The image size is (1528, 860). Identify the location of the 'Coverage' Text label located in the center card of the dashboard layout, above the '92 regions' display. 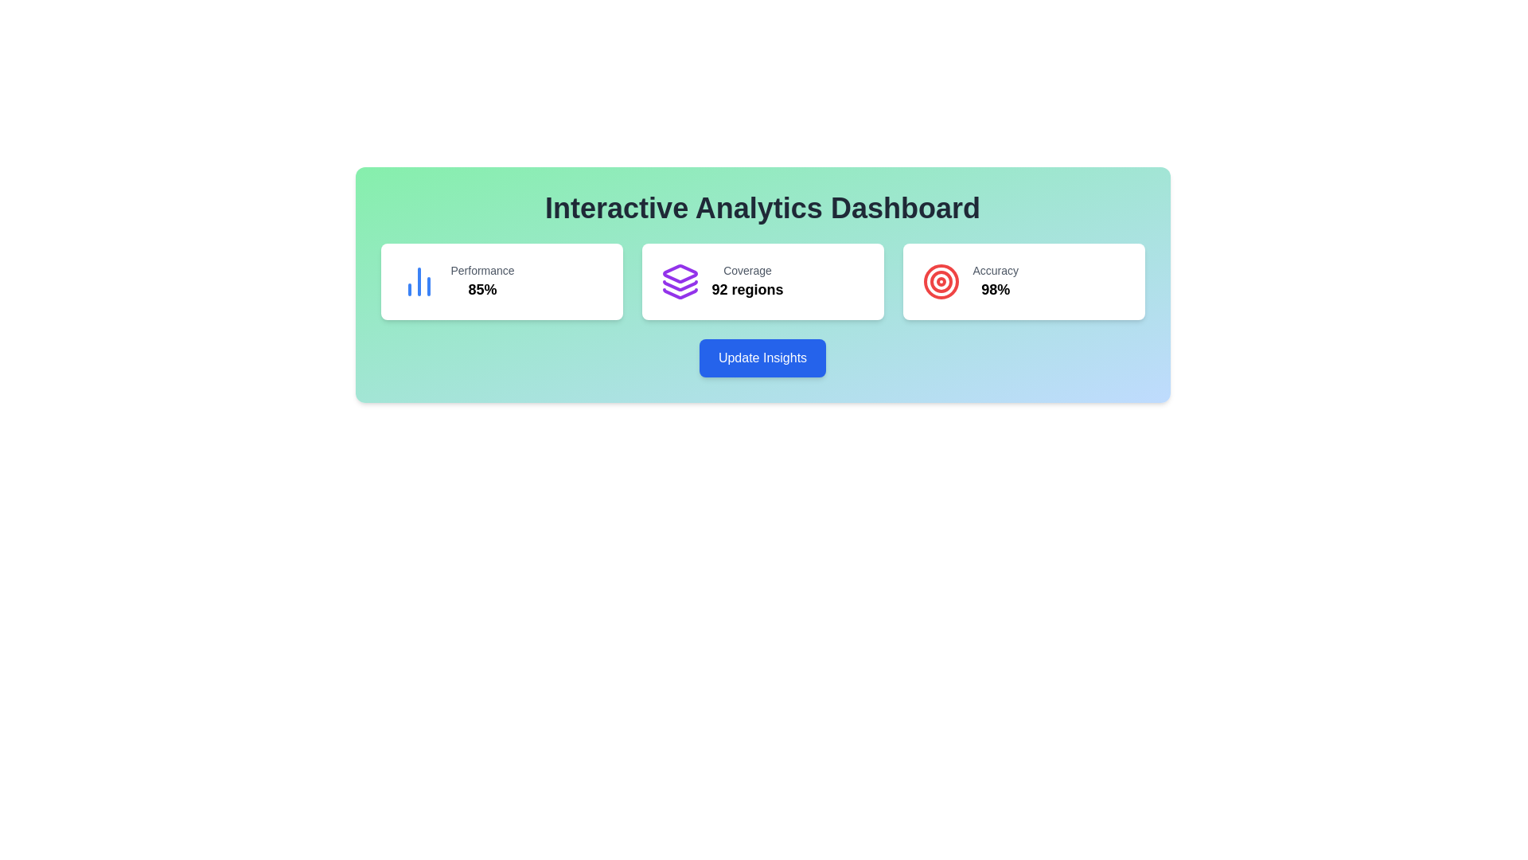
(746, 269).